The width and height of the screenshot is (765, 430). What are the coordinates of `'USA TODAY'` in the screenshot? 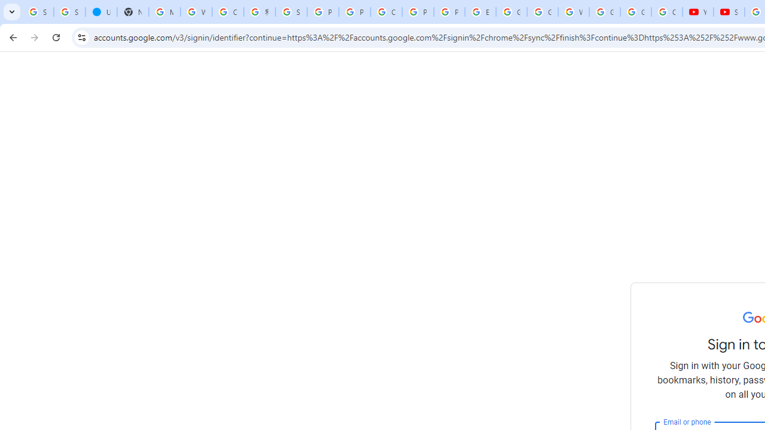 It's located at (101, 12).